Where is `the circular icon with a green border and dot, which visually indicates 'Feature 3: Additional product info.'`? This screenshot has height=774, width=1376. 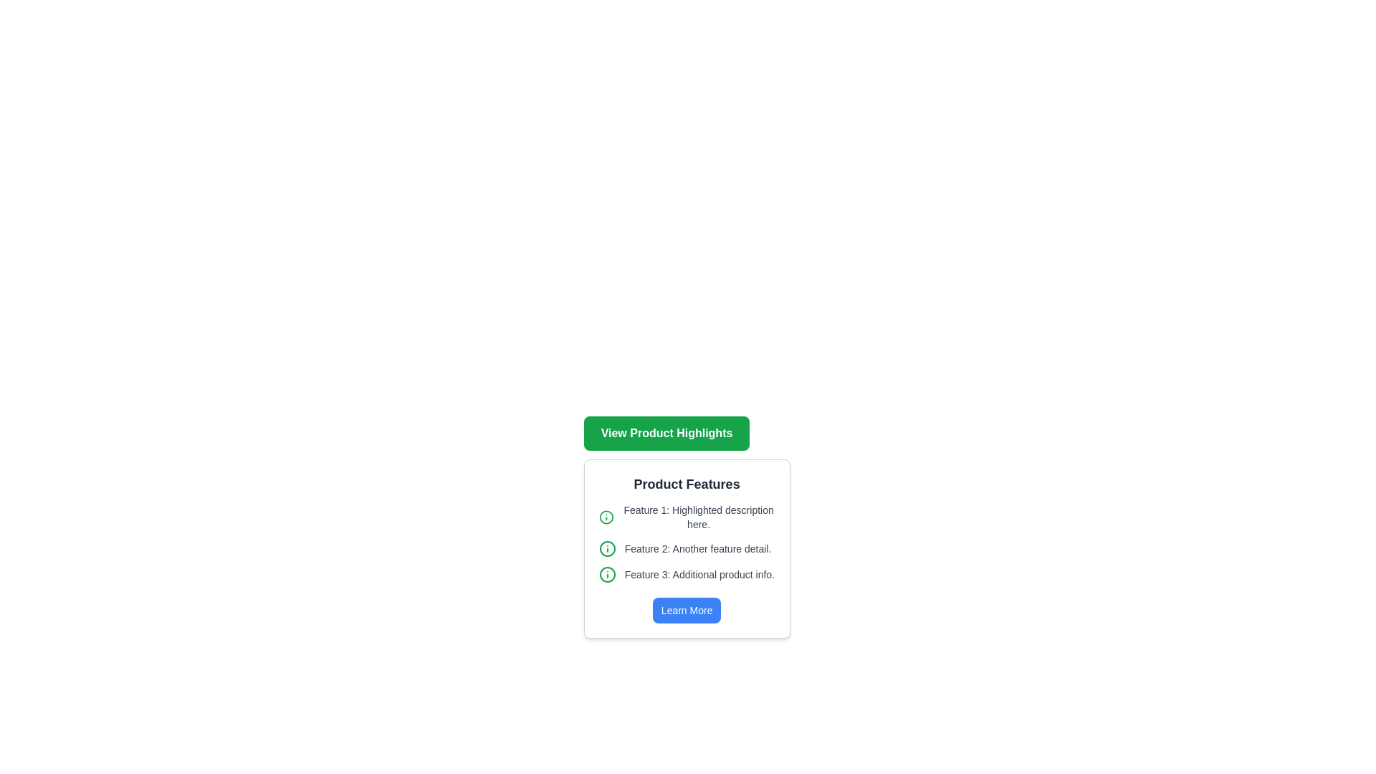 the circular icon with a green border and dot, which visually indicates 'Feature 3: Additional product info.' is located at coordinates (607, 574).